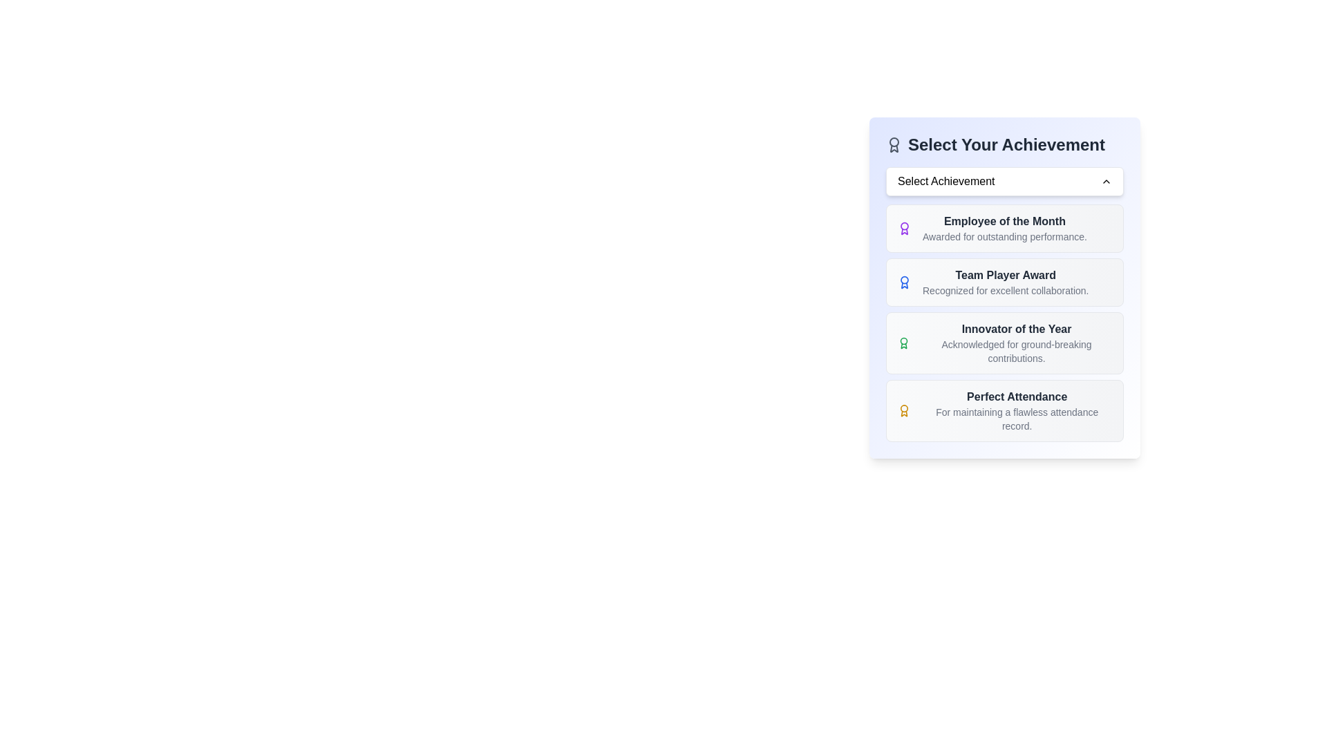  I want to click on the dropdown menu button located under the 'Select Your Achievement' title, so click(1005, 180).